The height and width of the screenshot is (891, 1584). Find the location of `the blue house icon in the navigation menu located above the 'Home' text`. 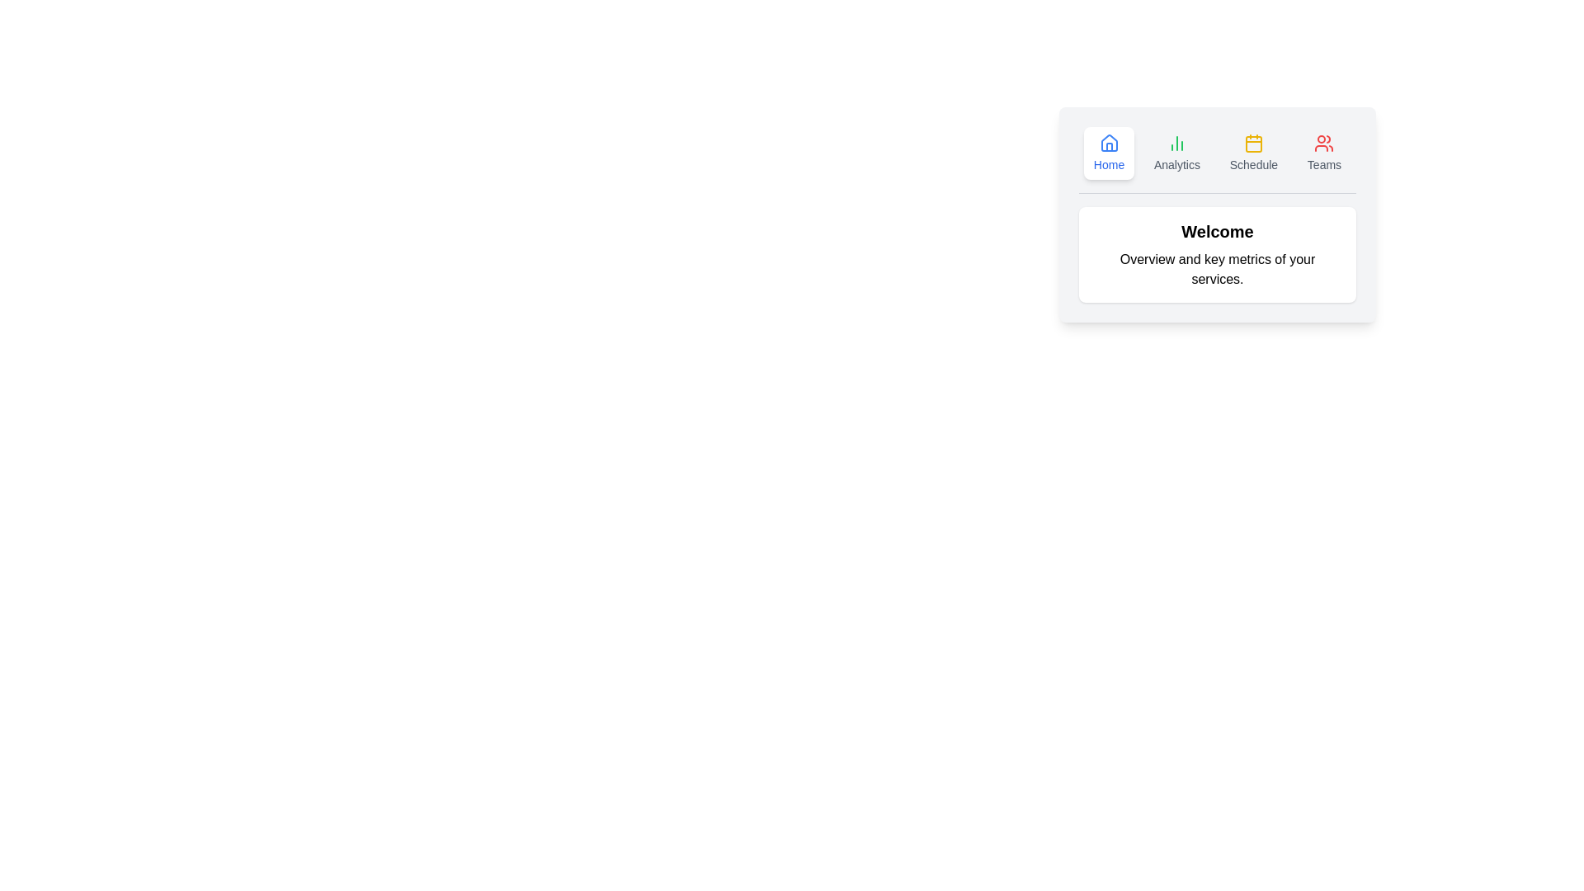

the blue house icon in the navigation menu located above the 'Home' text is located at coordinates (1109, 142).